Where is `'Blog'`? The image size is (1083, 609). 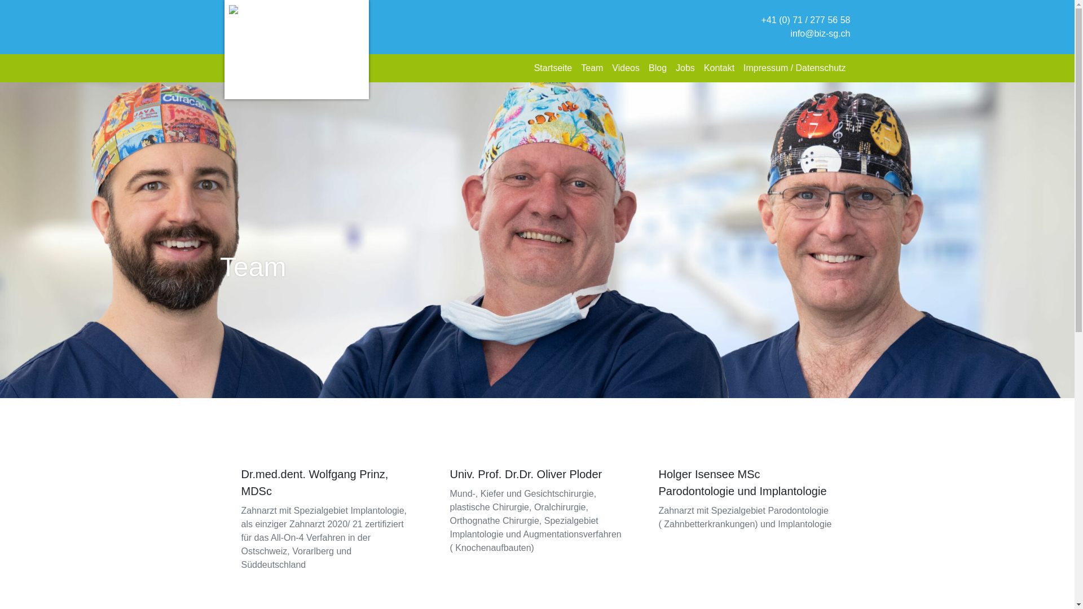 'Blog' is located at coordinates (658, 68).